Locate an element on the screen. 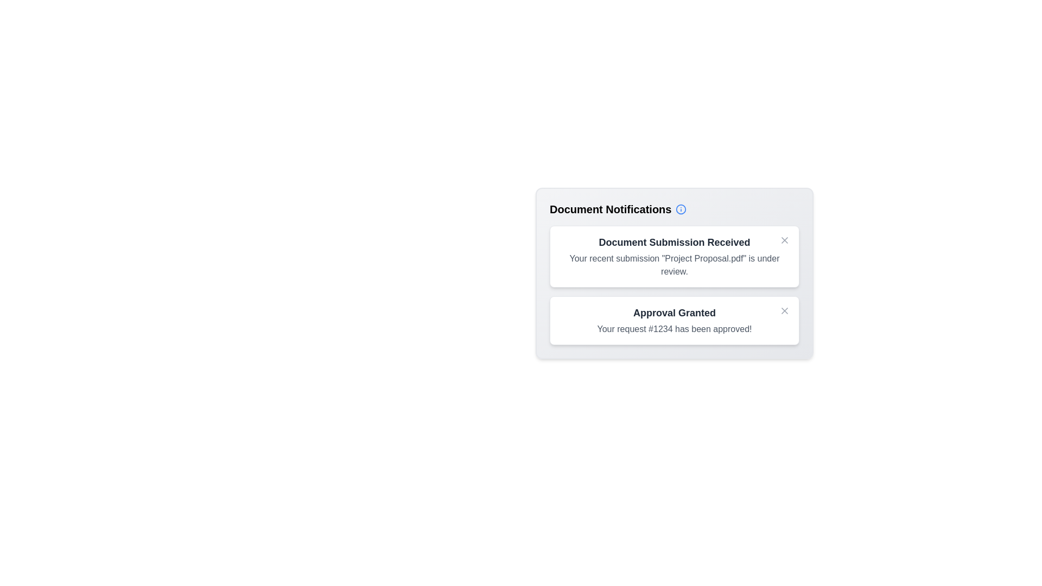 This screenshot has height=586, width=1042. the notification titled 'Approval Granted' to observe hover effects is located at coordinates (674, 320).